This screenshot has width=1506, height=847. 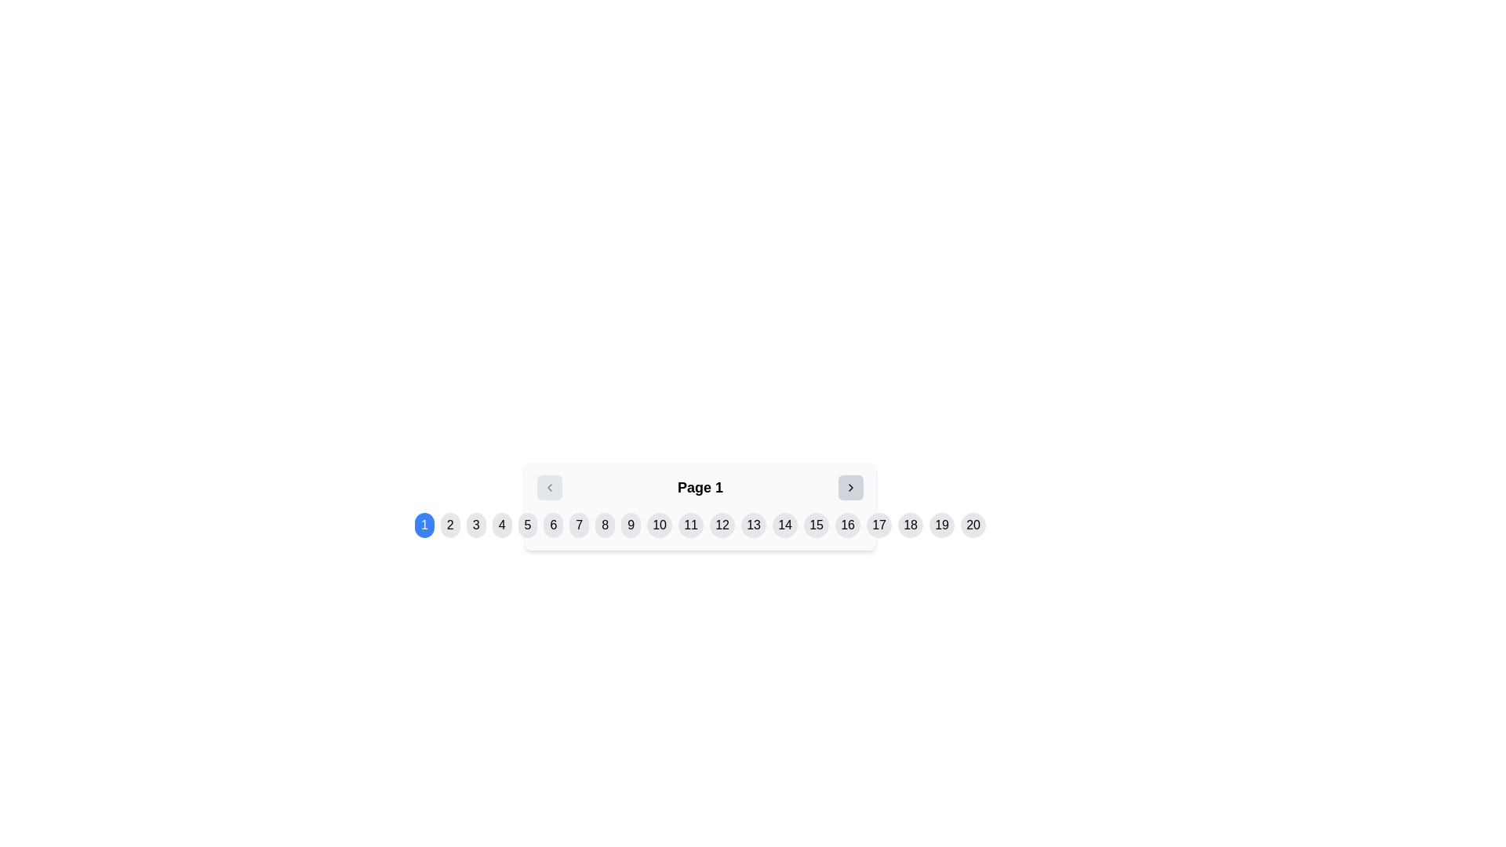 I want to click on the circular button with a gray background and black text '11', so click(x=690, y=525).